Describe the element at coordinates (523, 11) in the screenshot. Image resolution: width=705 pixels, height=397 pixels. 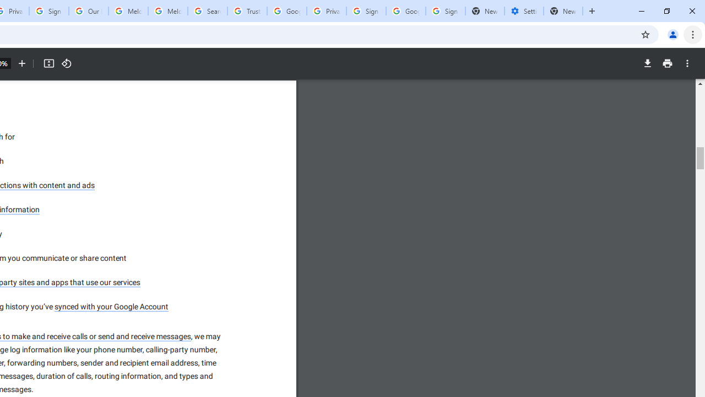
I see `'Settings - Addresses and more'` at that location.